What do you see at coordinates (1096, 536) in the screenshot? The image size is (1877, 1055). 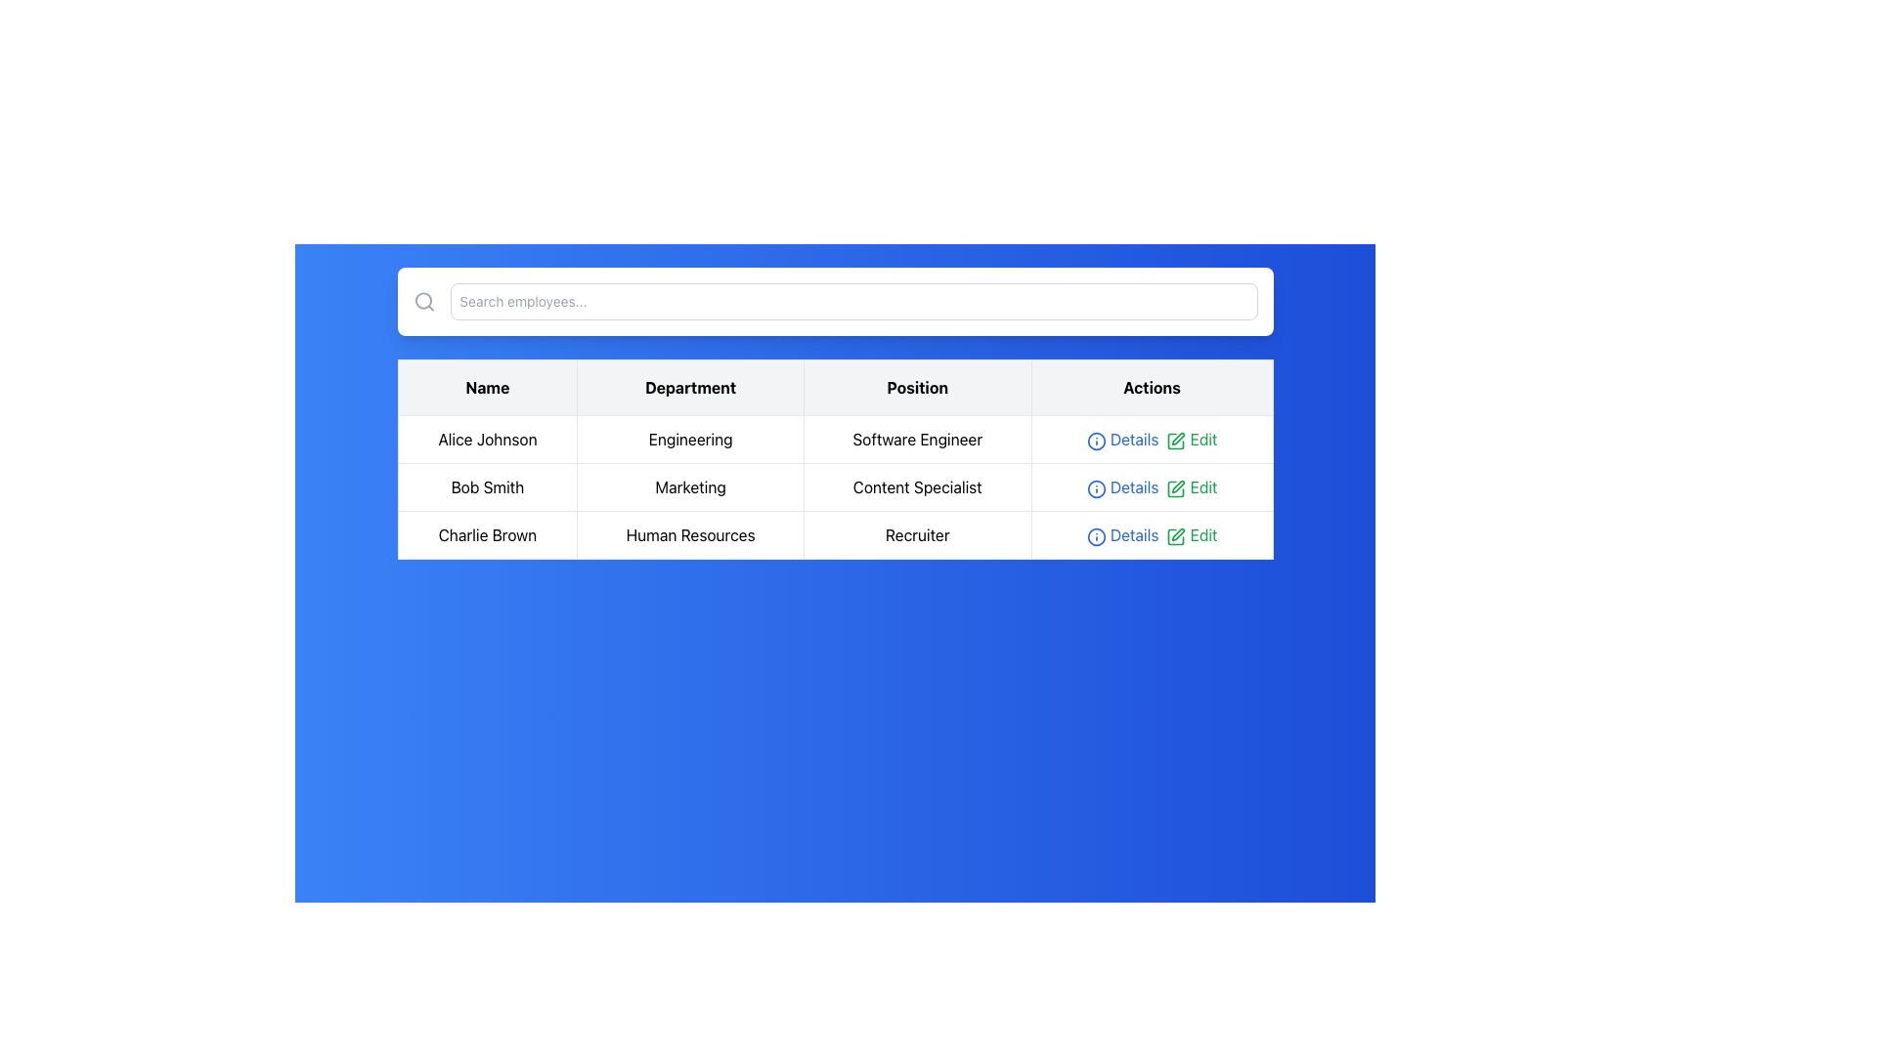 I see `blue outlined circle SVG element located in the 'Actions' column of the third row of the data table, adjacent to the 'Details' text` at bounding box center [1096, 536].